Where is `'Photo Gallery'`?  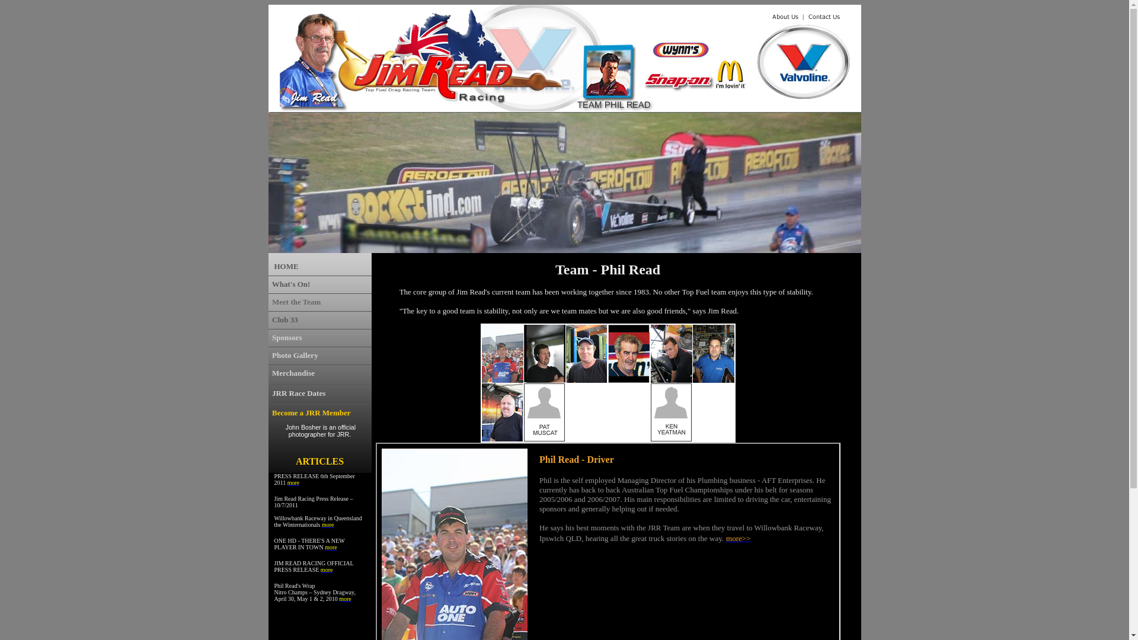
'Photo Gallery' is located at coordinates (295, 354).